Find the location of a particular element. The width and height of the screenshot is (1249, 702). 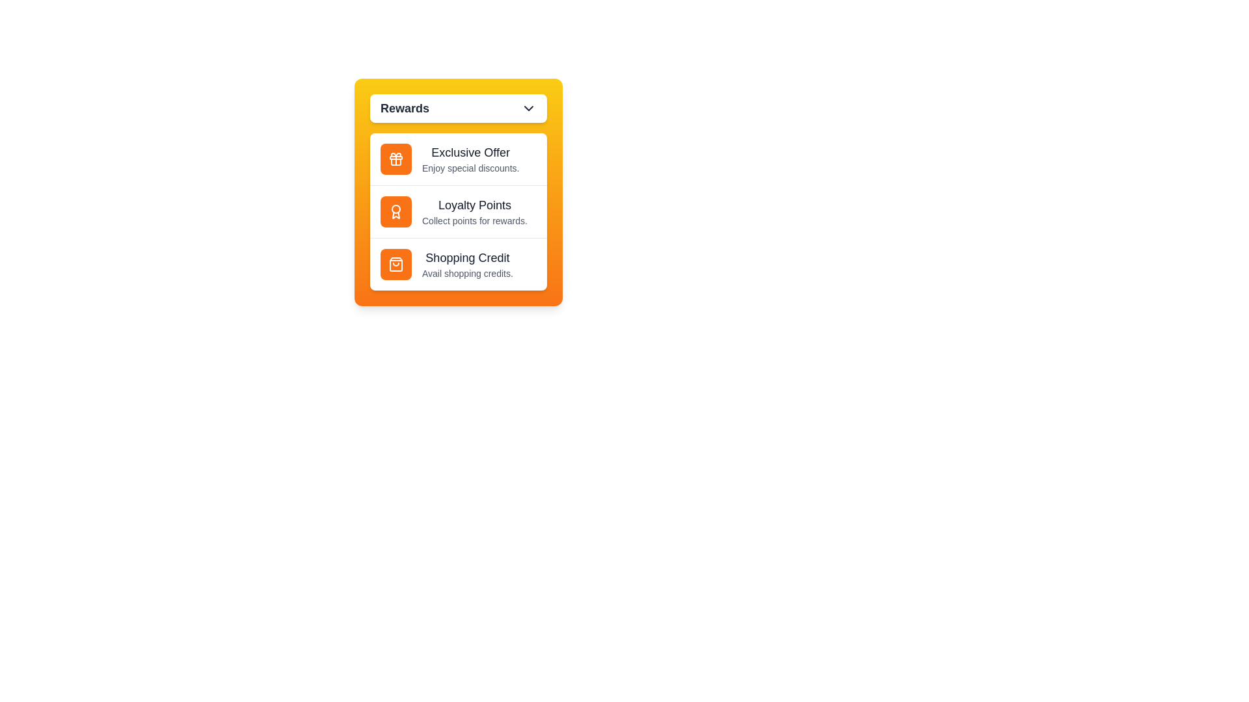

the design of the square icon with an orange background and a white award ribbon symbol at its center, located on the second row of the 'Rewards' menu, adjacent to the 'Loyalty Points' text is located at coordinates (396, 211).